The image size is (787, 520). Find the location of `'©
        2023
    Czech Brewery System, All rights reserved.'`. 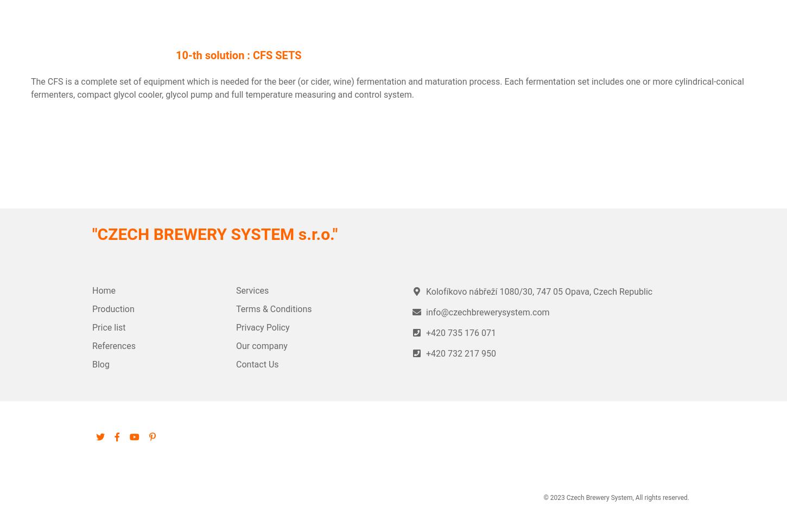

'©
        2023
    Czech Brewery System, All rights reserved.' is located at coordinates (615, 497).